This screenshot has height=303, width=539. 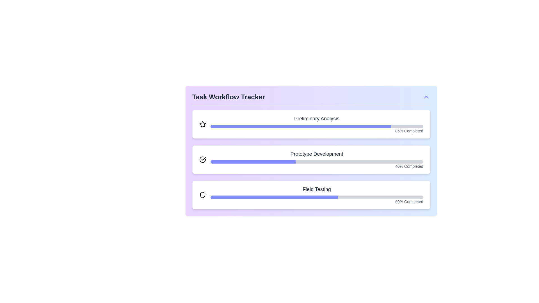 I want to click on the Progress tracker module for the 'Field Testing' stage, which visually shows the completion percentage and allows the user to understand progress at a glance, so click(x=311, y=194).